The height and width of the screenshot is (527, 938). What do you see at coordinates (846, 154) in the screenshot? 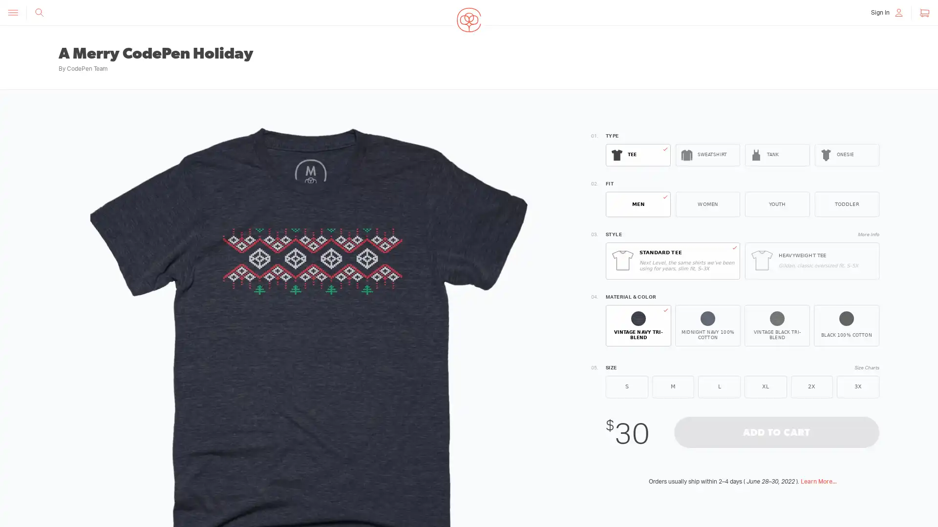
I see `ONESIE` at bounding box center [846, 154].